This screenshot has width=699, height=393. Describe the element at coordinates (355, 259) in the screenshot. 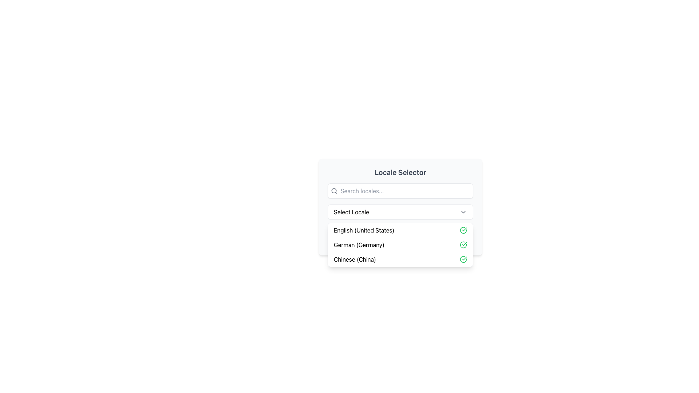

I see `the 'Chinese (China)' language option in the dropdown list` at that location.